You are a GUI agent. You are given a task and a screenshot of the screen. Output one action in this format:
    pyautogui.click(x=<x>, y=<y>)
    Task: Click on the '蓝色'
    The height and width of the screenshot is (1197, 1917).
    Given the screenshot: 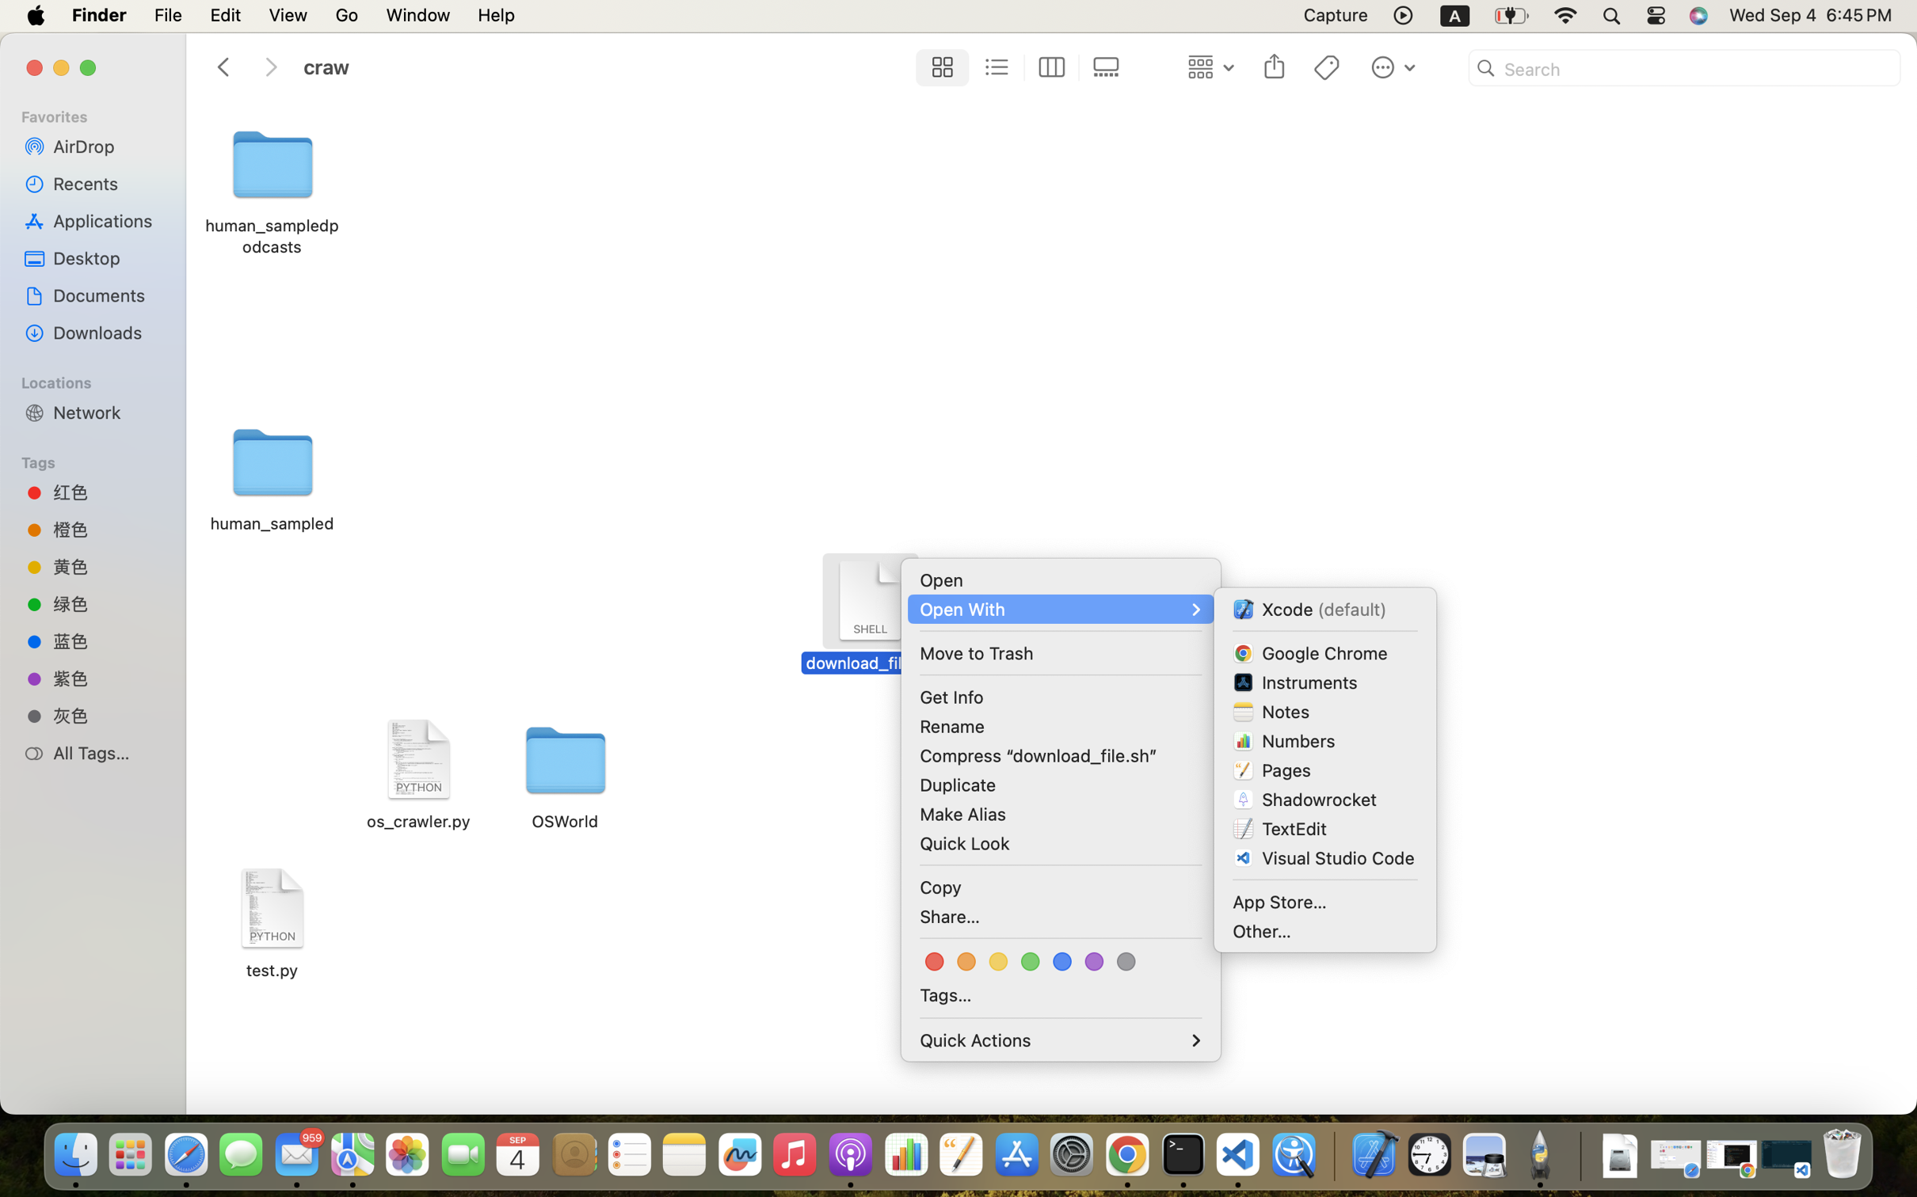 What is the action you would take?
    pyautogui.click(x=106, y=640)
    